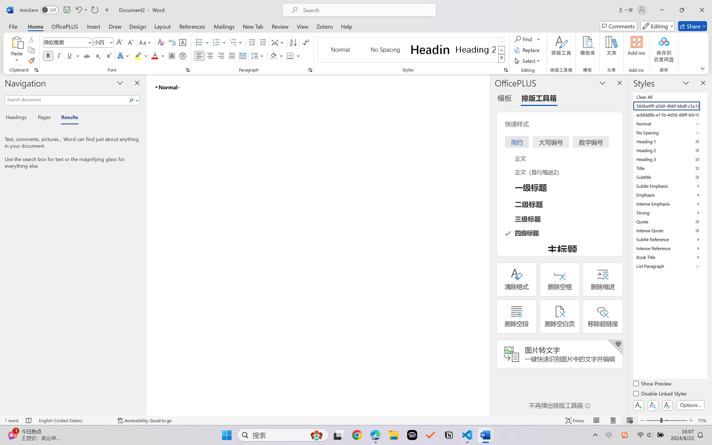  What do you see at coordinates (669, 212) in the screenshot?
I see `'Strong'` at bounding box center [669, 212].